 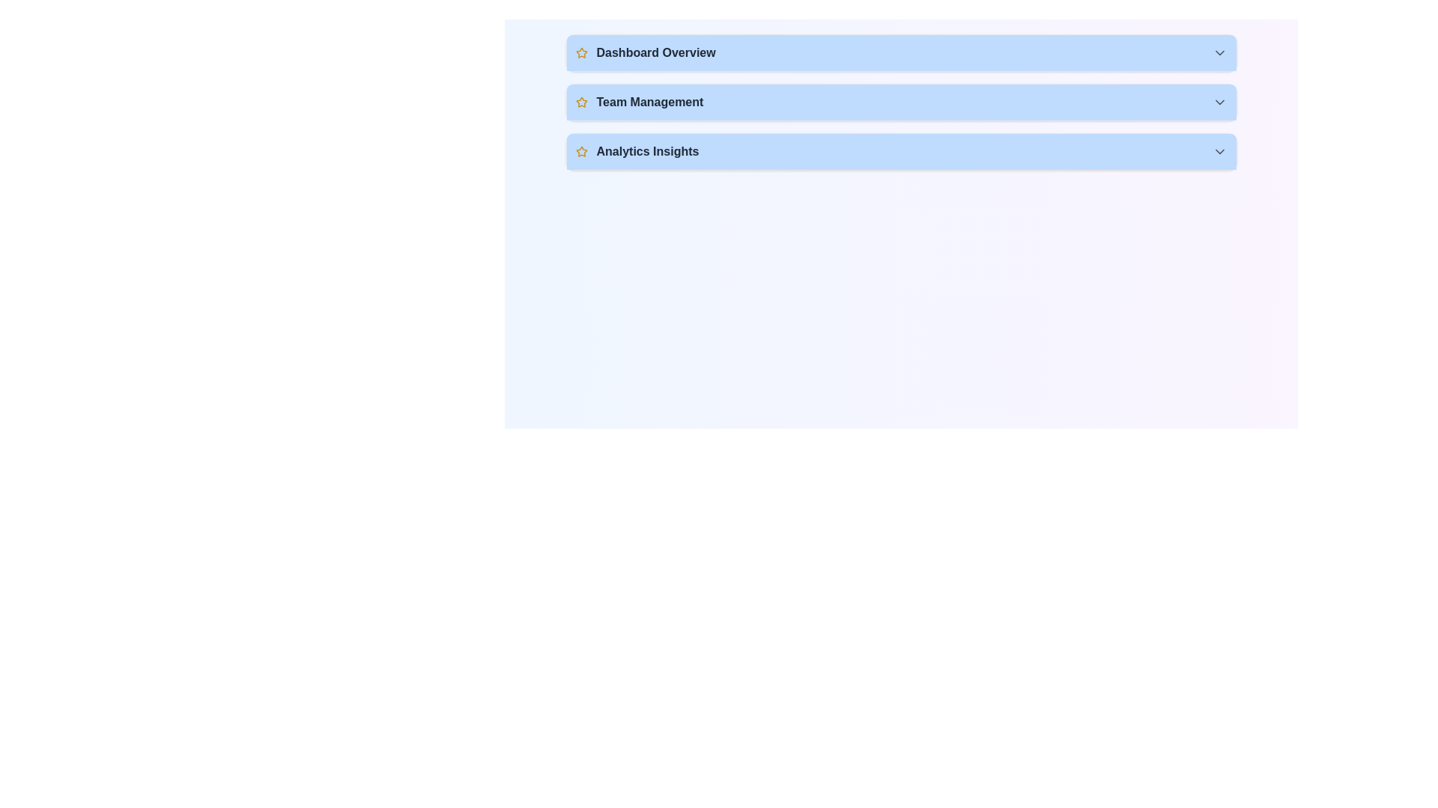 What do you see at coordinates (649, 102) in the screenshot?
I see `the 'Team Management' text label or navigation link` at bounding box center [649, 102].